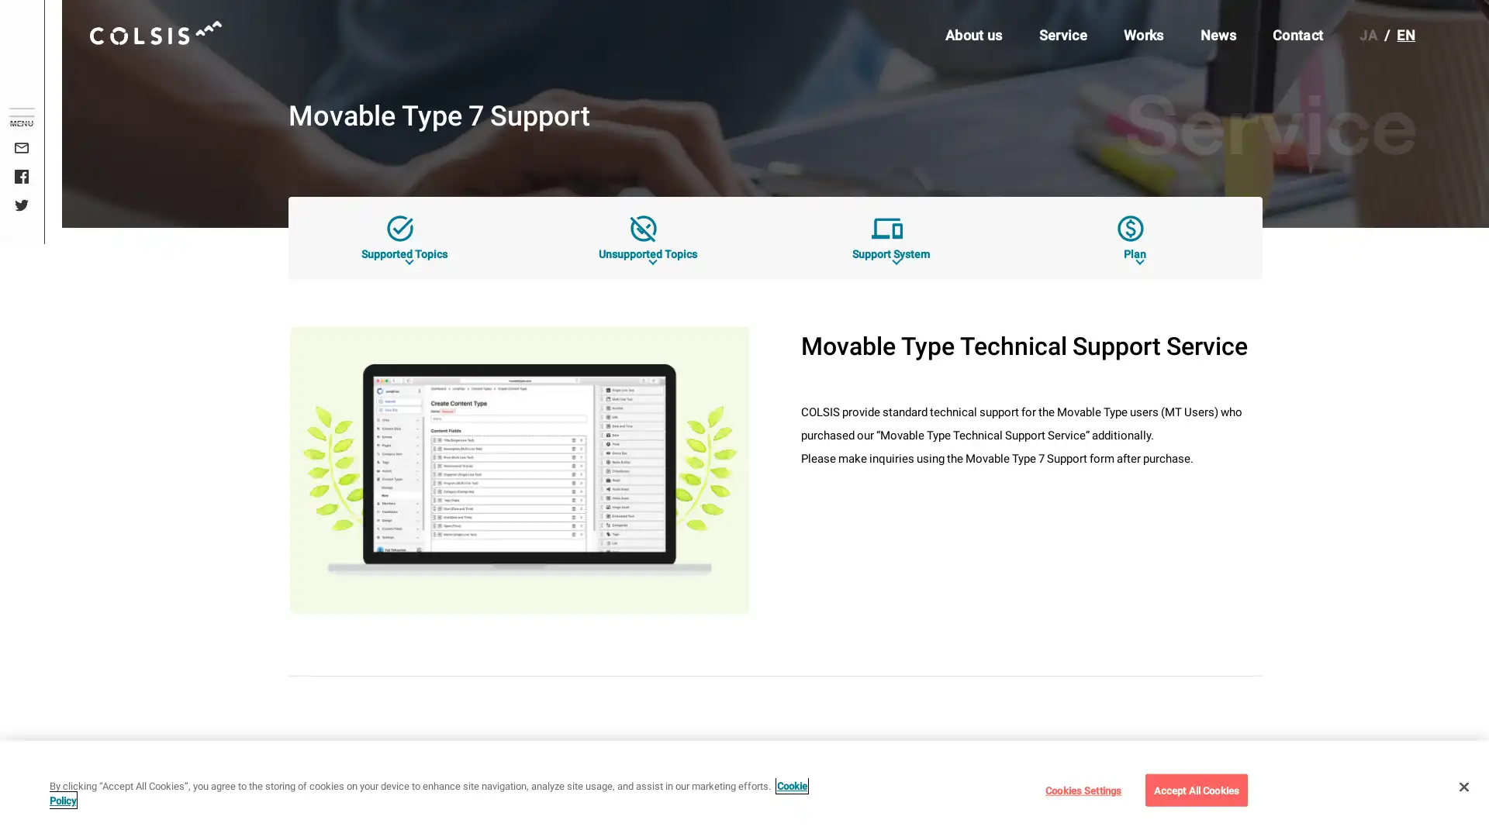  I want to click on Close, so click(1463, 786).